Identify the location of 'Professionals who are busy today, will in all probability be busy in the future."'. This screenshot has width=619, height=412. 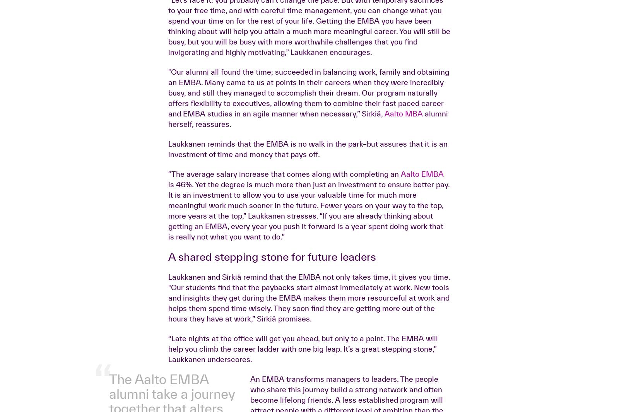
(173, 82).